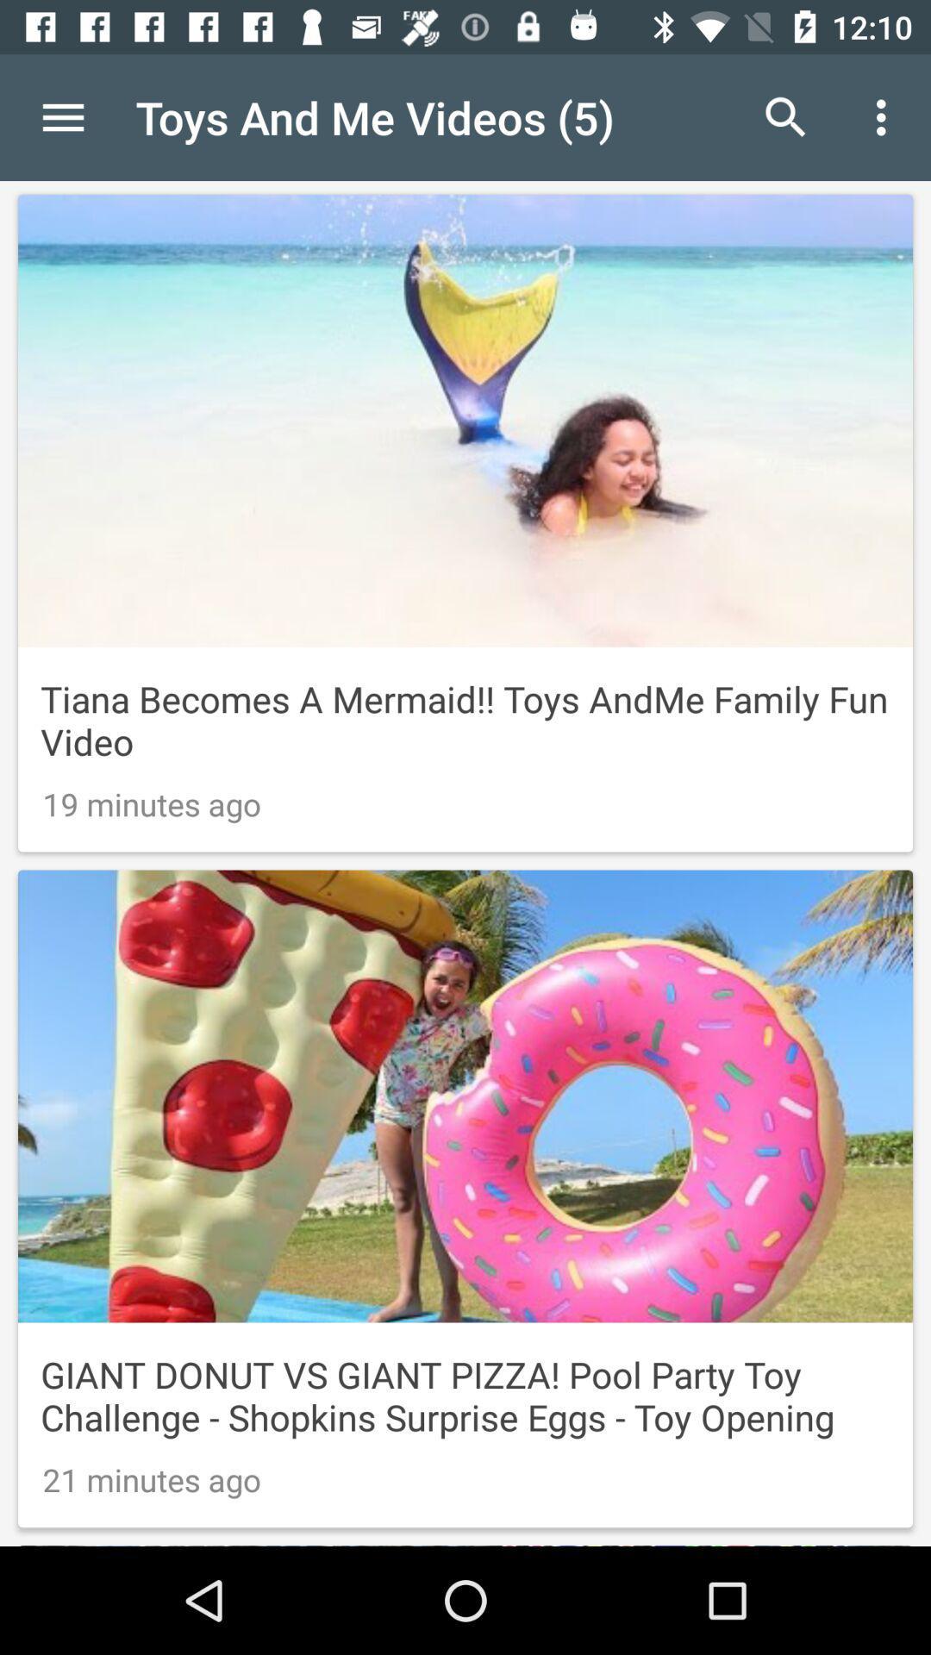 This screenshot has height=1655, width=931. What do you see at coordinates (785, 116) in the screenshot?
I see `item next to the toys and me item` at bounding box center [785, 116].